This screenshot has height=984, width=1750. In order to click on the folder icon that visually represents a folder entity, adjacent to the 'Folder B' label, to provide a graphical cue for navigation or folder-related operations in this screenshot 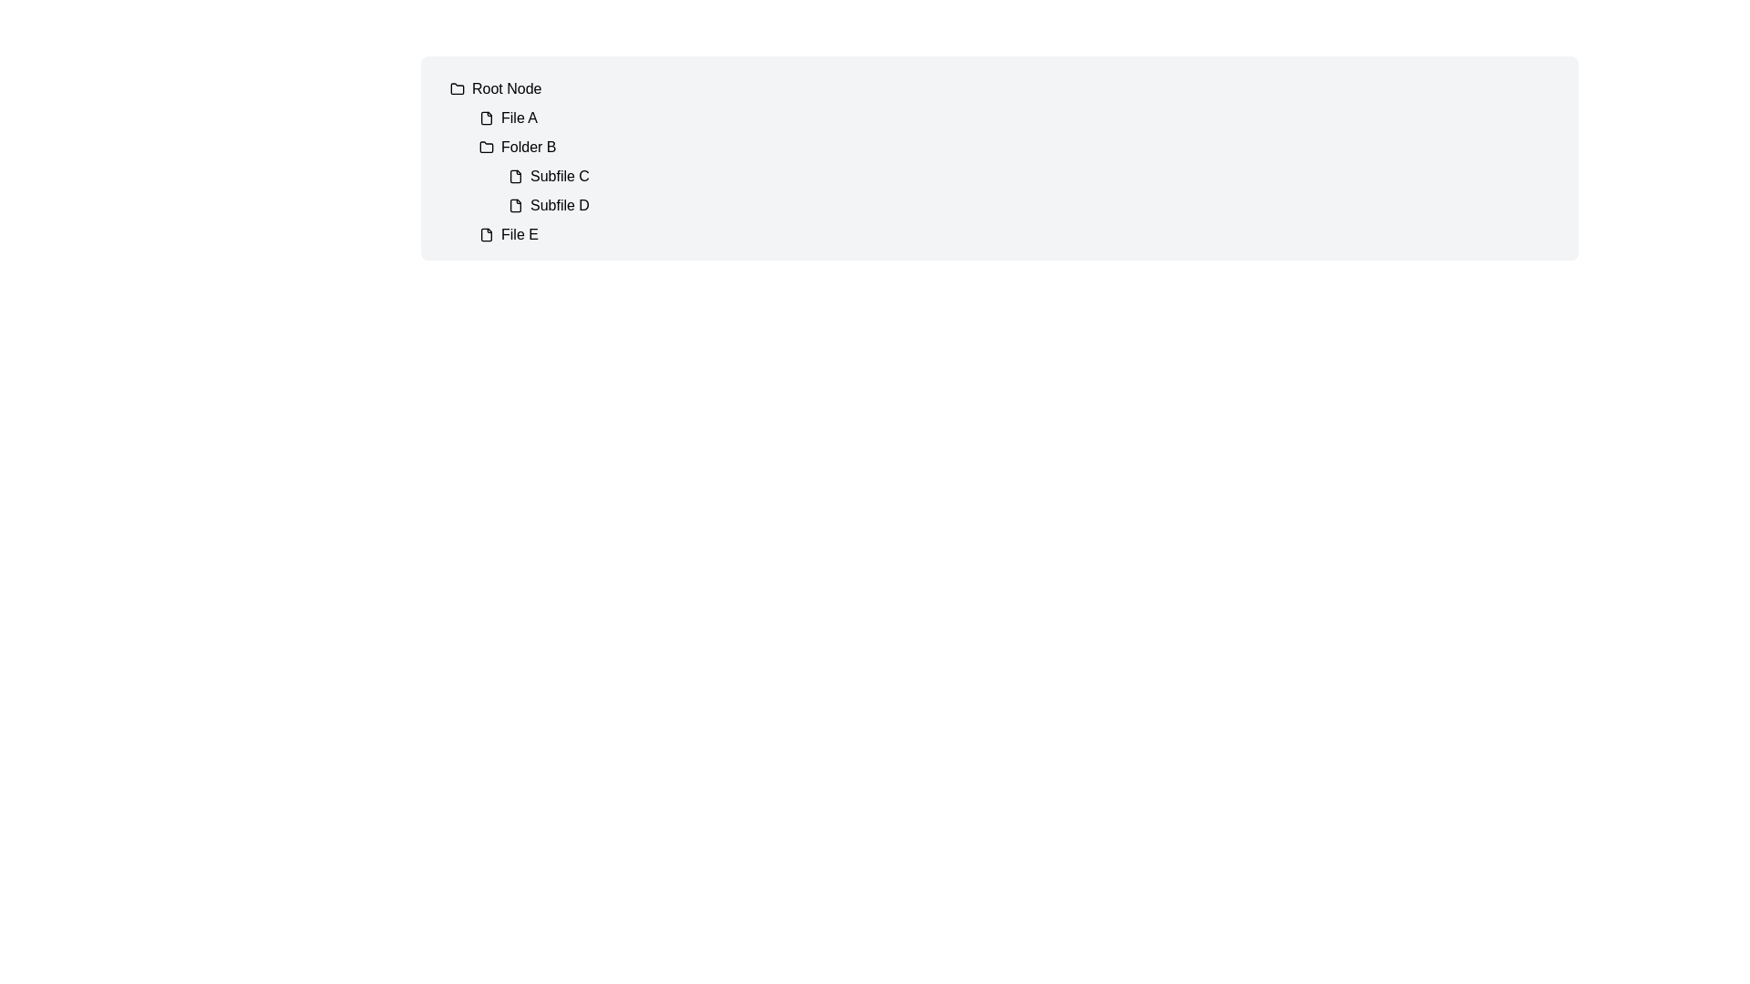, I will do `click(486, 147)`.